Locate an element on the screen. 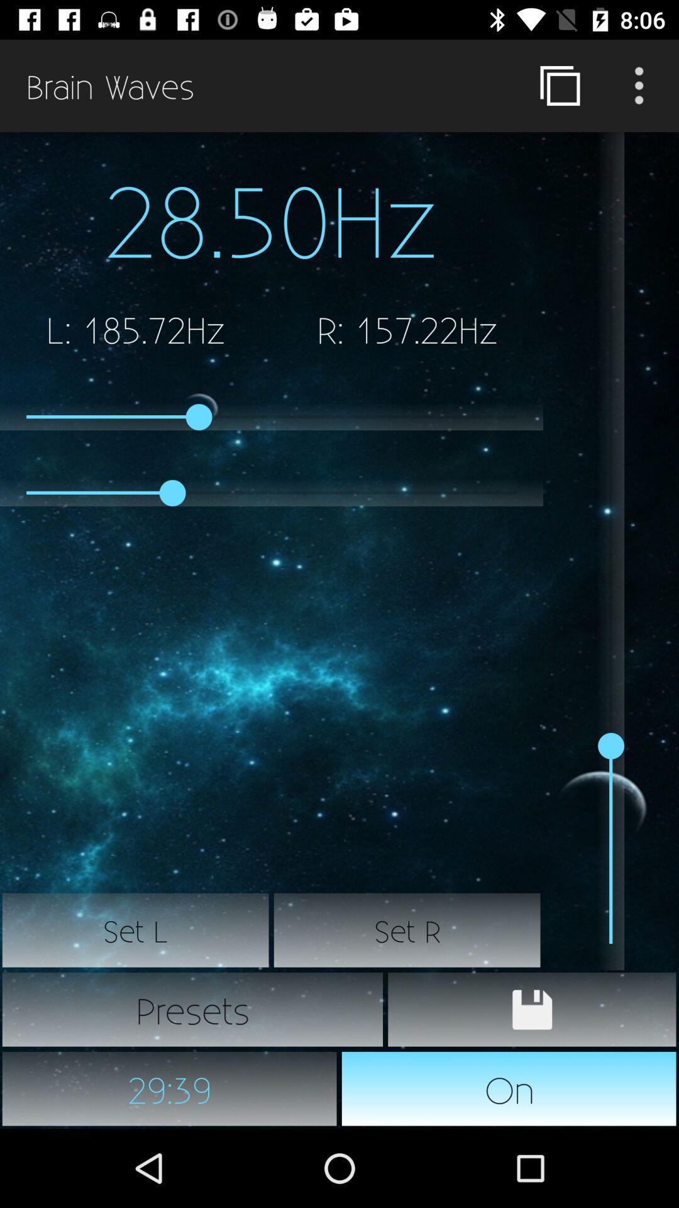  the on icon is located at coordinates (509, 1088).